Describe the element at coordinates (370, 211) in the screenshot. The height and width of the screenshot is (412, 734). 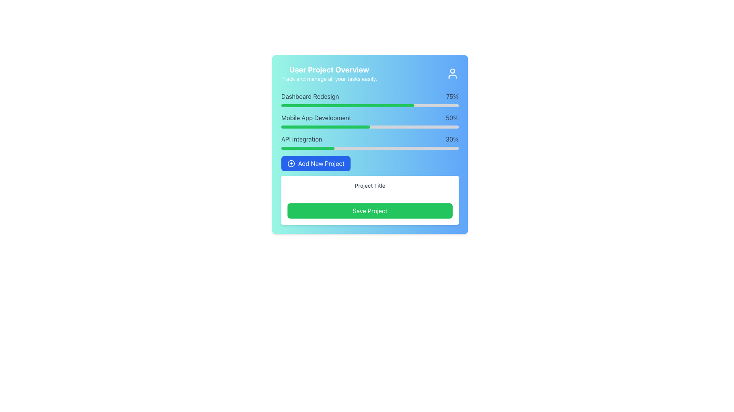
I see `the green rectangular button labeled 'Save Project'` at that location.